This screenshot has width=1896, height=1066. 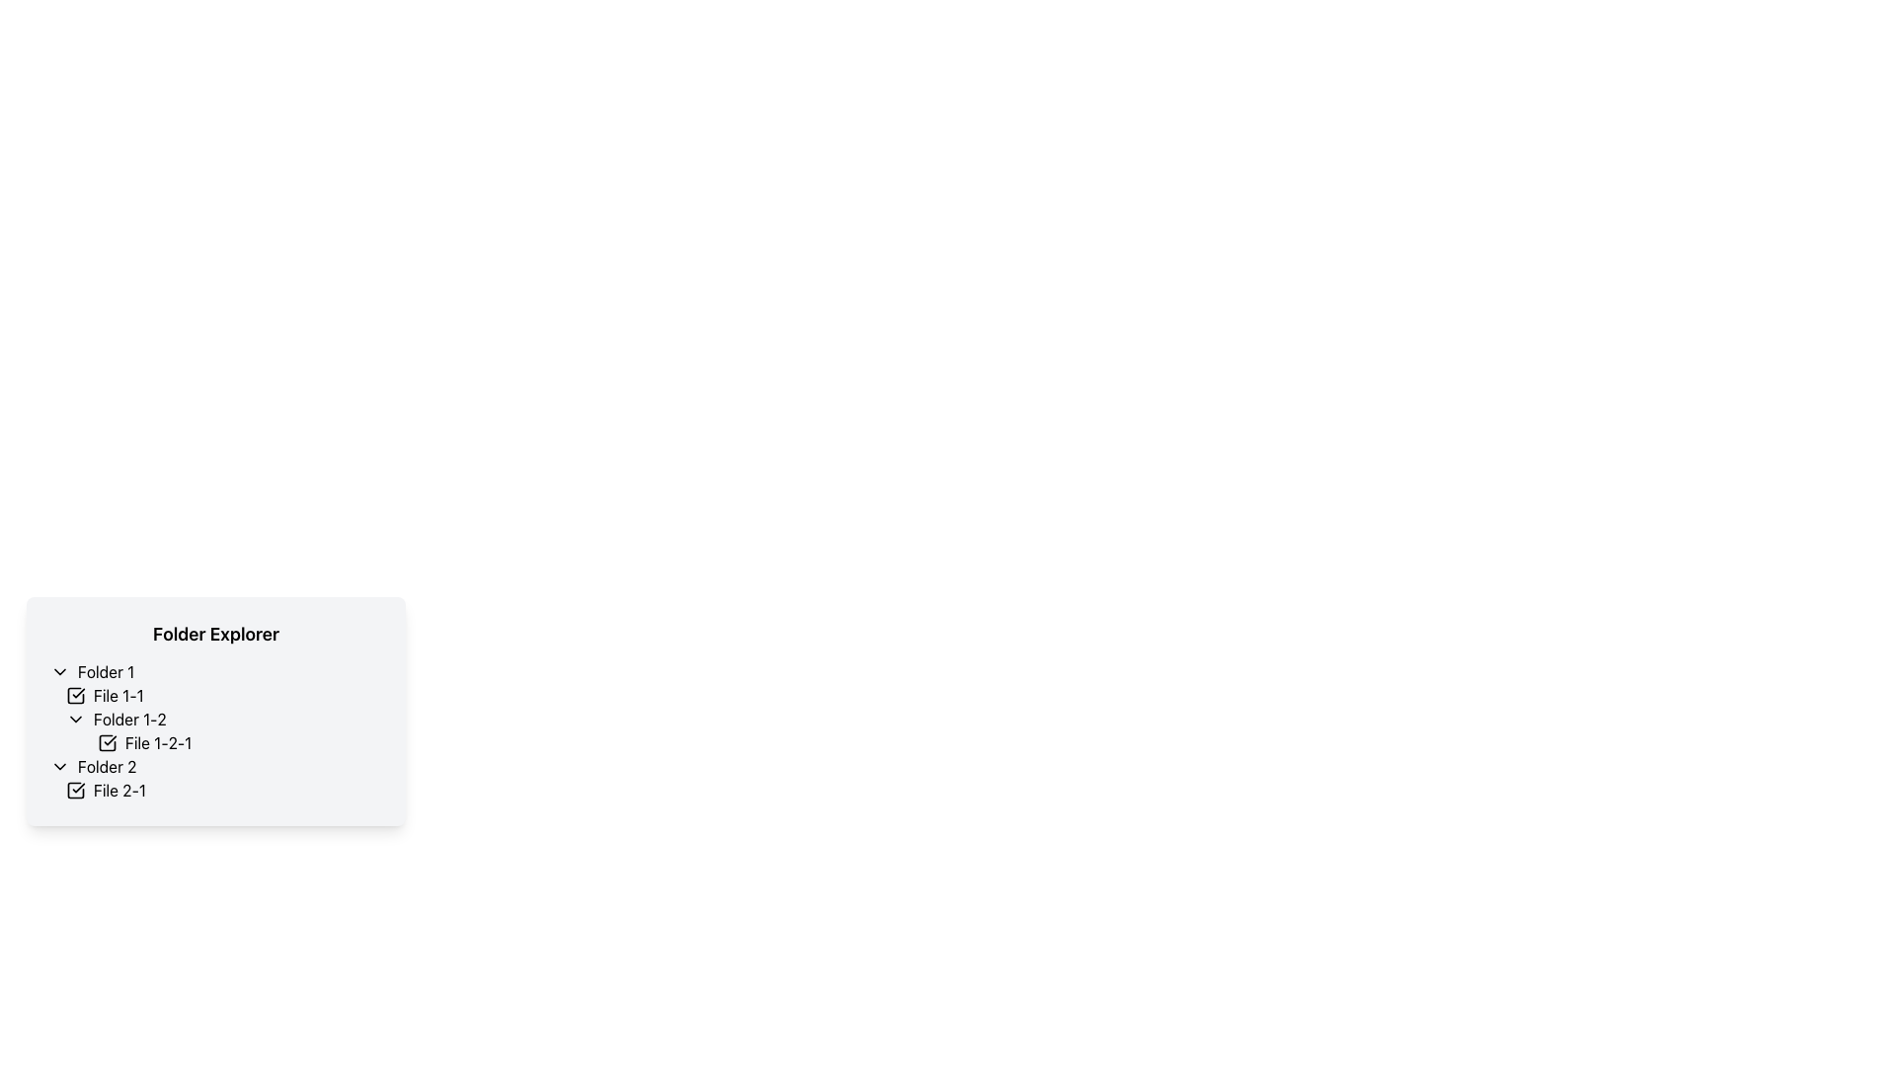 What do you see at coordinates (75, 790) in the screenshot?
I see `the Checkbox icon with a checkmark, located to the left of the label 'File 2-1'` at bounding box center [75, 790].